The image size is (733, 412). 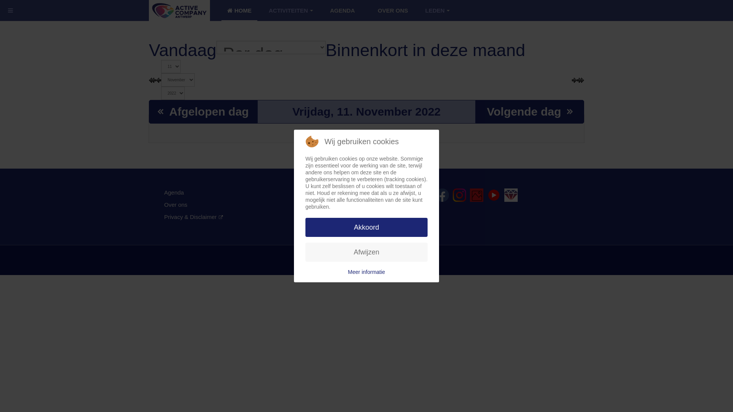 What do you see at coordinates (366, 272) in the screenshot?
I see `'Meer informatie'` at bounding box center [366, 272].